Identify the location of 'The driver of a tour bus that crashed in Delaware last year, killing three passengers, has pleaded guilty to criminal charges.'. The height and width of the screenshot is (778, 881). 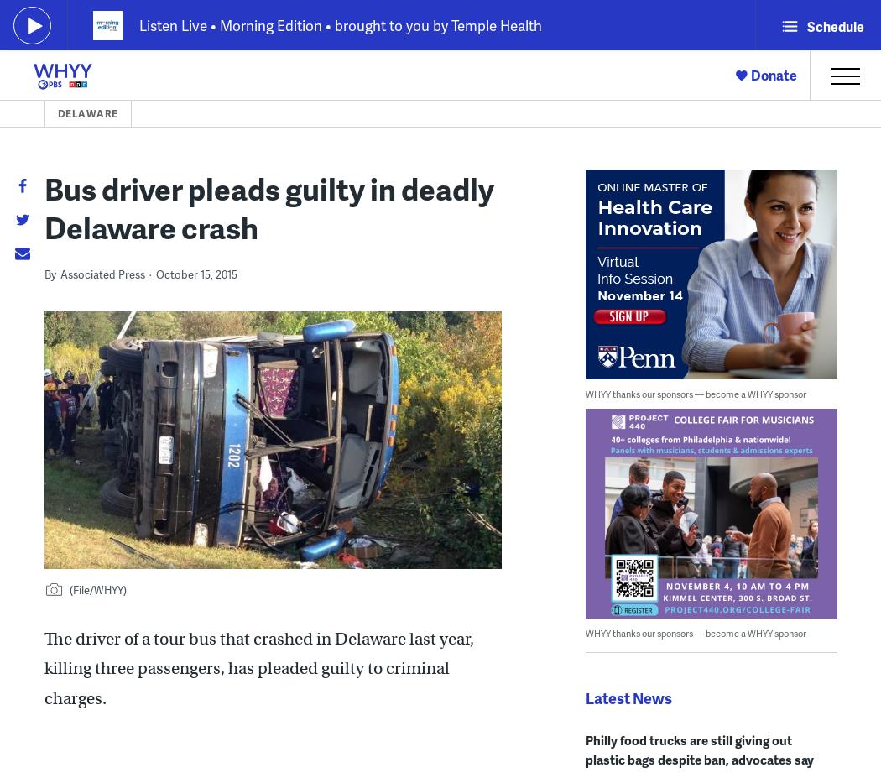
(258, 668).